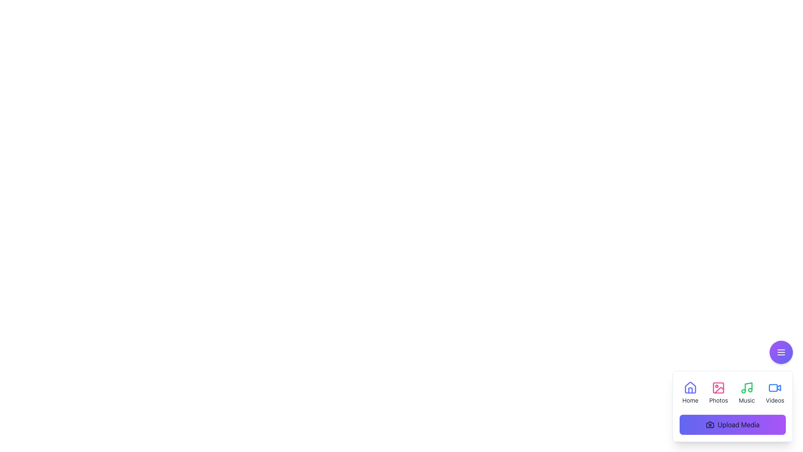  What do you see at coordinates (690, 388) in the screenshot?
I see `the 'Home' icon in the bottom-right corner of the navigation bar` at bounding box center [690, 388].